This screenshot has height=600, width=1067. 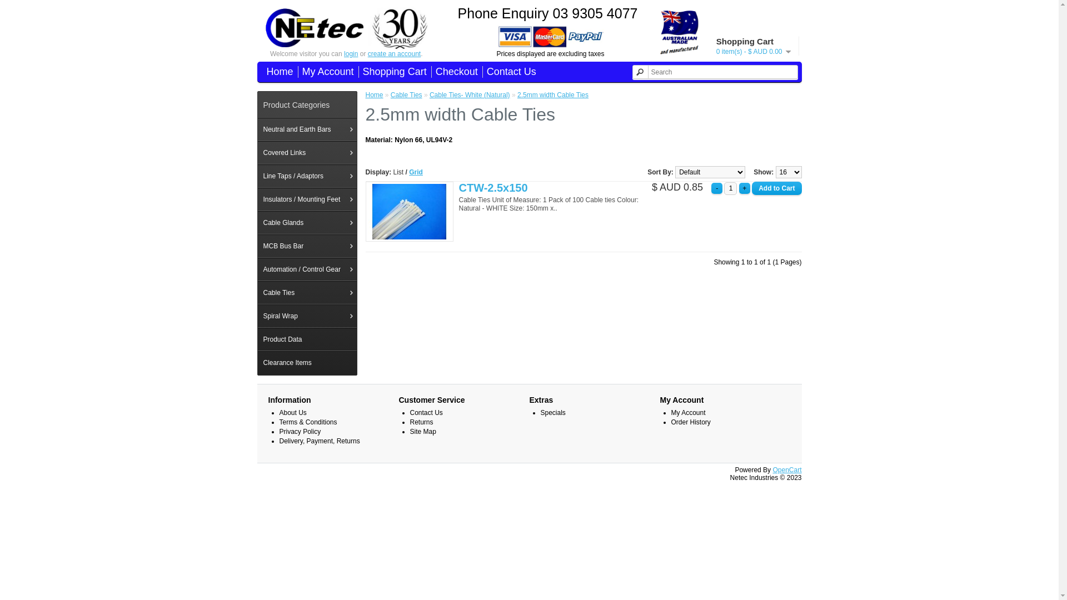 I want to click on 'OpenCart', so click(x=786, y=469).